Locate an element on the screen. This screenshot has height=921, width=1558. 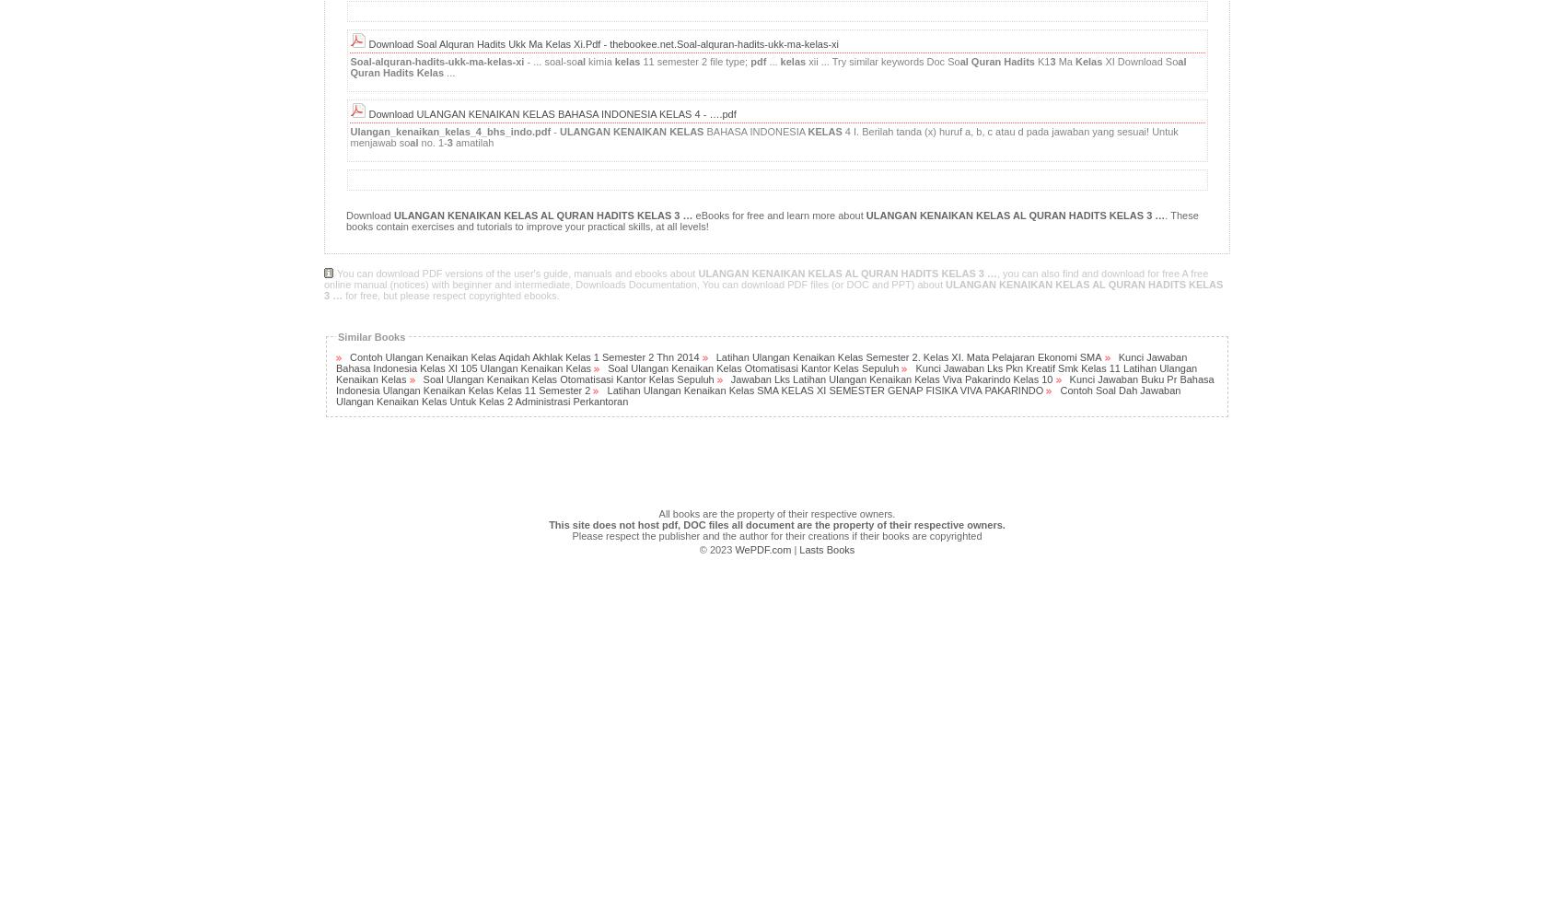
'pdf' is located at coordinates (758, 60).